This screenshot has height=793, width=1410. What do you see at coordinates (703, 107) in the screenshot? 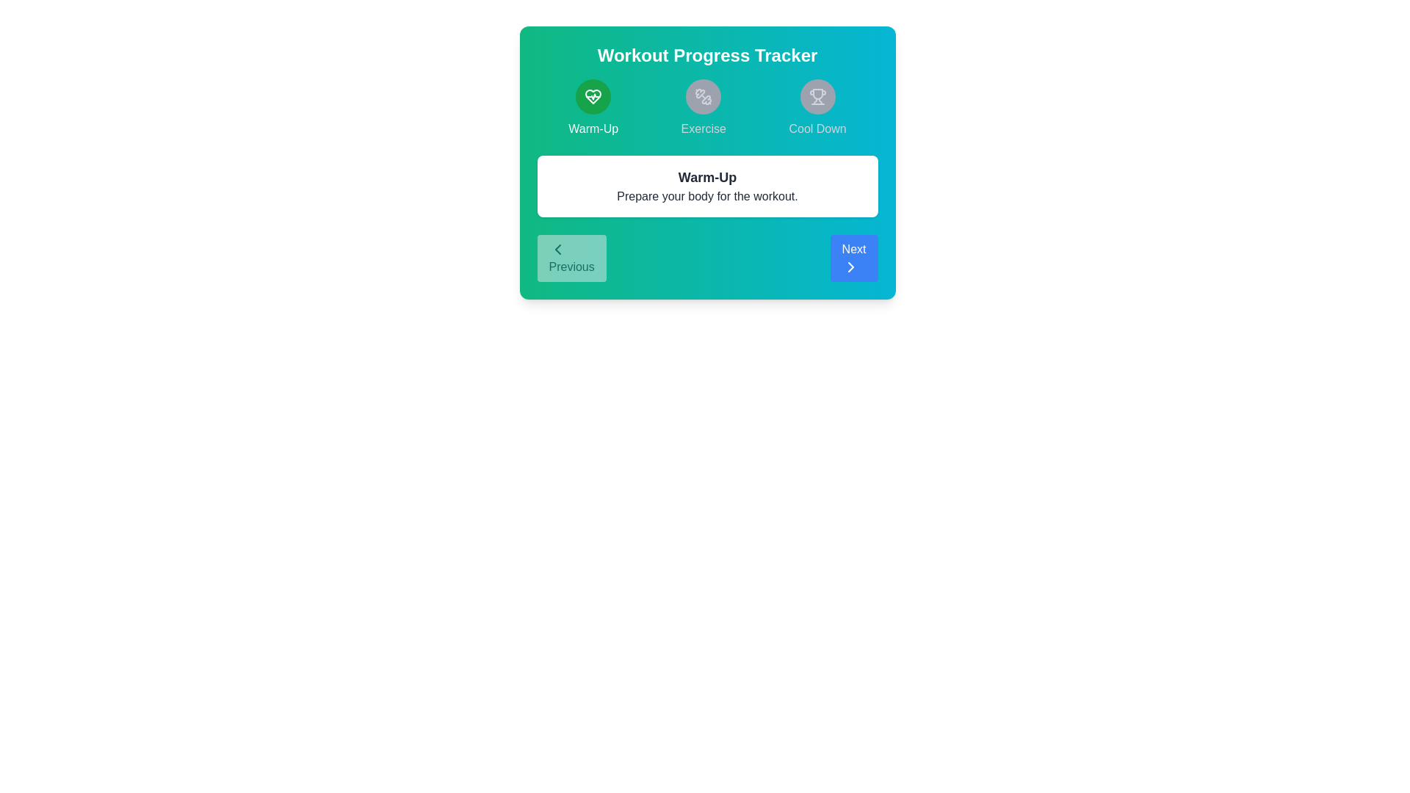
I see `the heading corresponding to the workout phase: Exercise` at bounding box center [703, 107].